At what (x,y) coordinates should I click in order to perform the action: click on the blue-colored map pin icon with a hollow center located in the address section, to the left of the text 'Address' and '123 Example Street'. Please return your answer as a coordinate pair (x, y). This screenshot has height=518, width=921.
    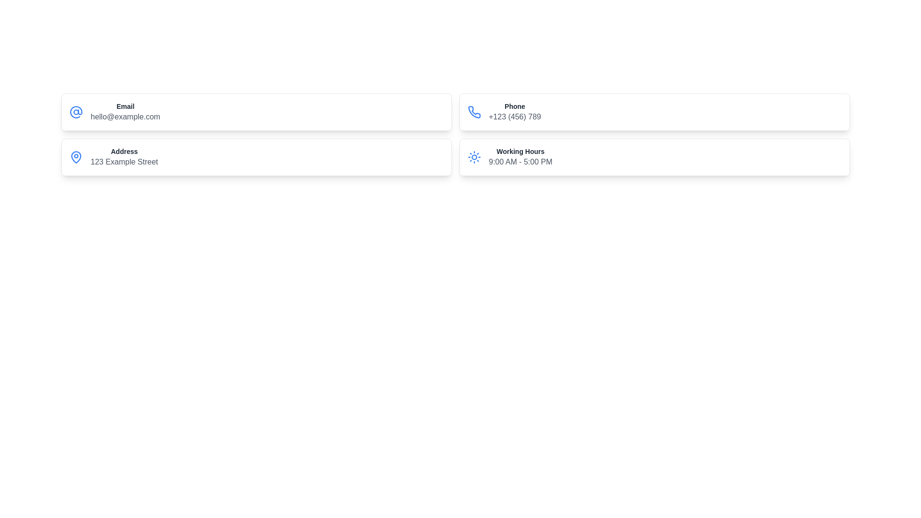
    Looking at the image, I should click on (75, 156).